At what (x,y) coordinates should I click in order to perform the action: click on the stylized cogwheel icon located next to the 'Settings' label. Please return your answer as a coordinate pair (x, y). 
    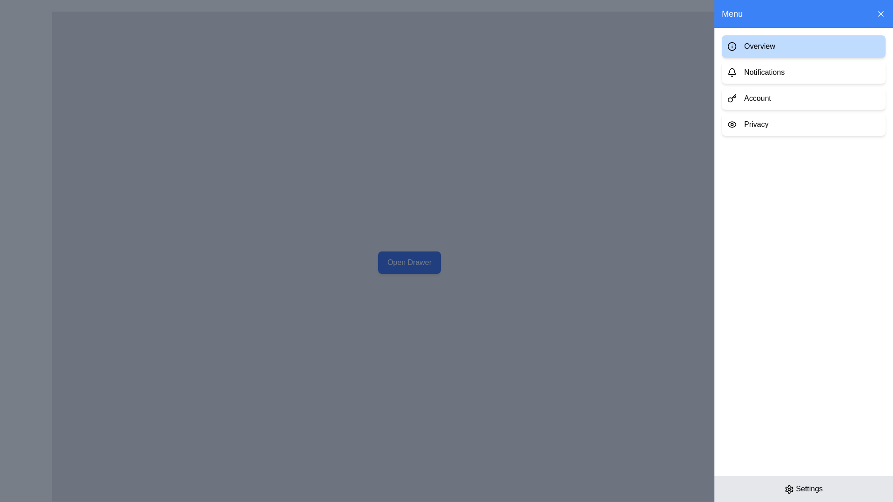
    Looking at the image, I should click on (788, 489).